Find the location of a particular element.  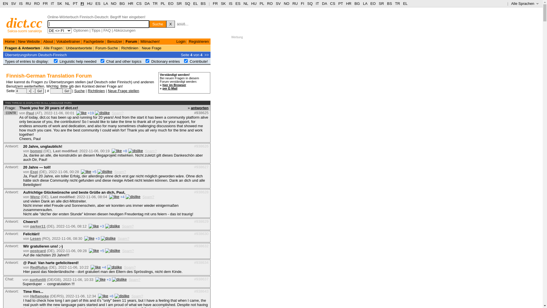

'Chat and other topics' is located at coordinates (124, 61).